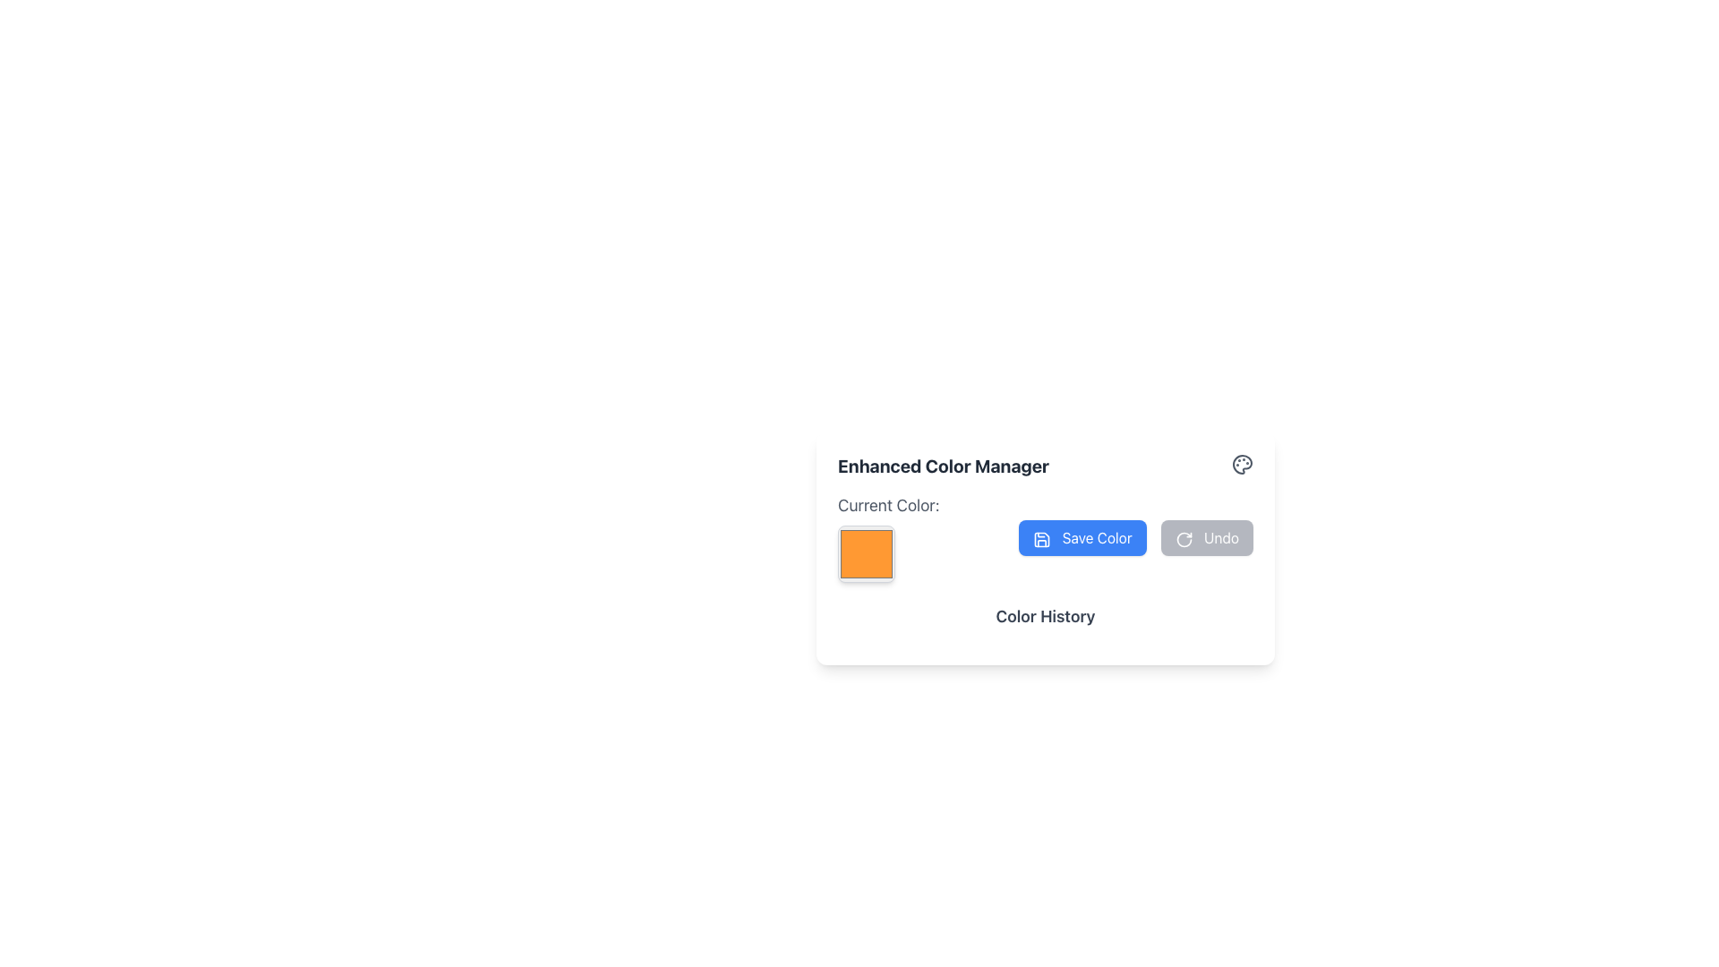 This screenshot has height=967, width=1719. I want to click on the Text Label that serves as a title for the section displaying the history of selected colors, located below the color display section and buttons, so click(1045, 623).